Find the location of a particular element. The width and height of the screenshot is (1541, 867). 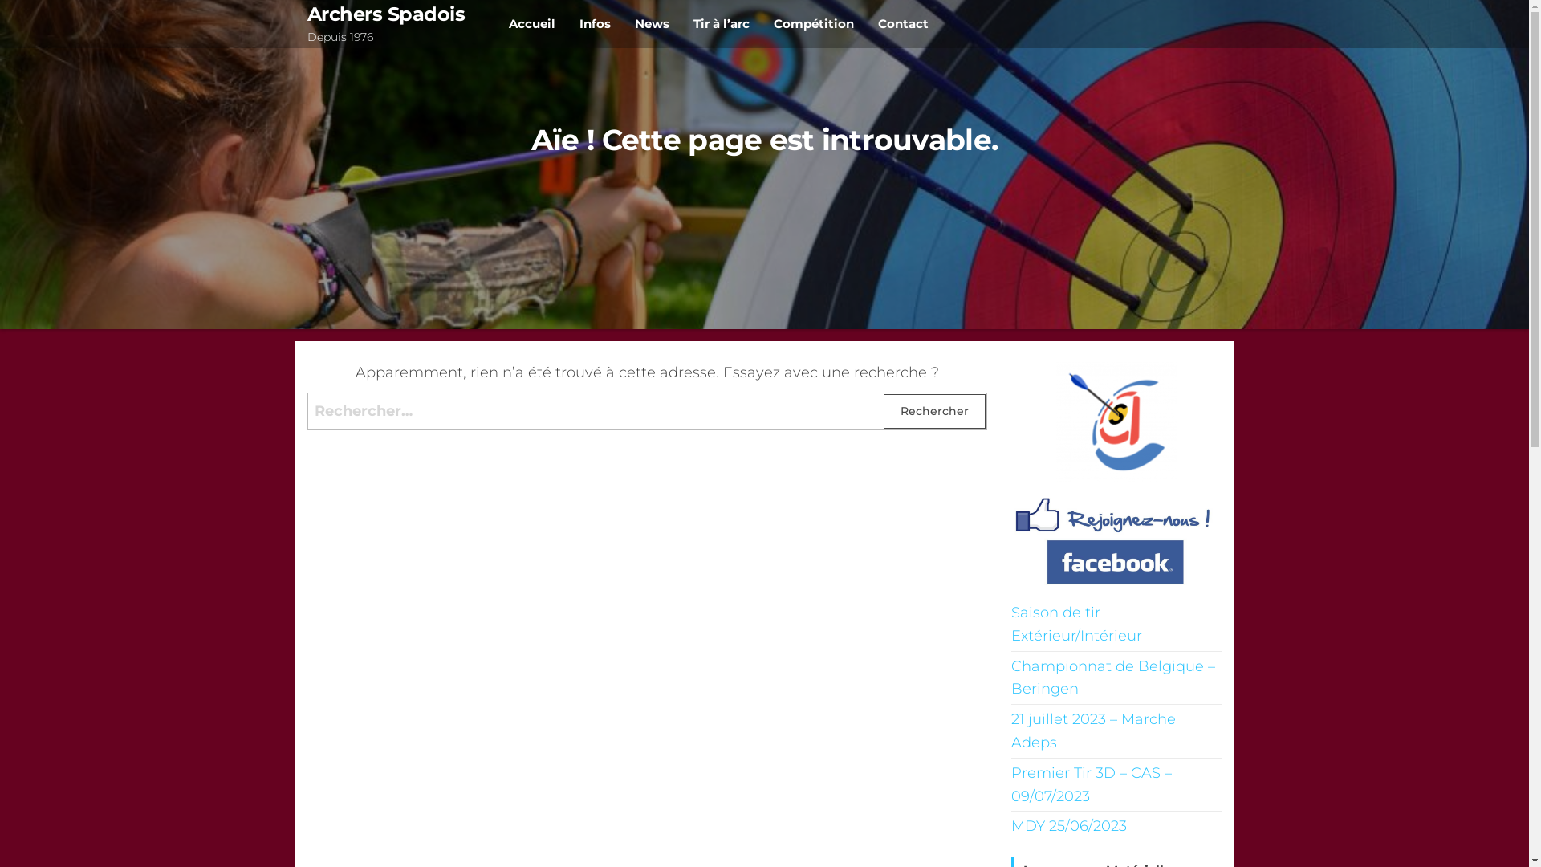

'Rechercher' is located at coordinates (934, 410).